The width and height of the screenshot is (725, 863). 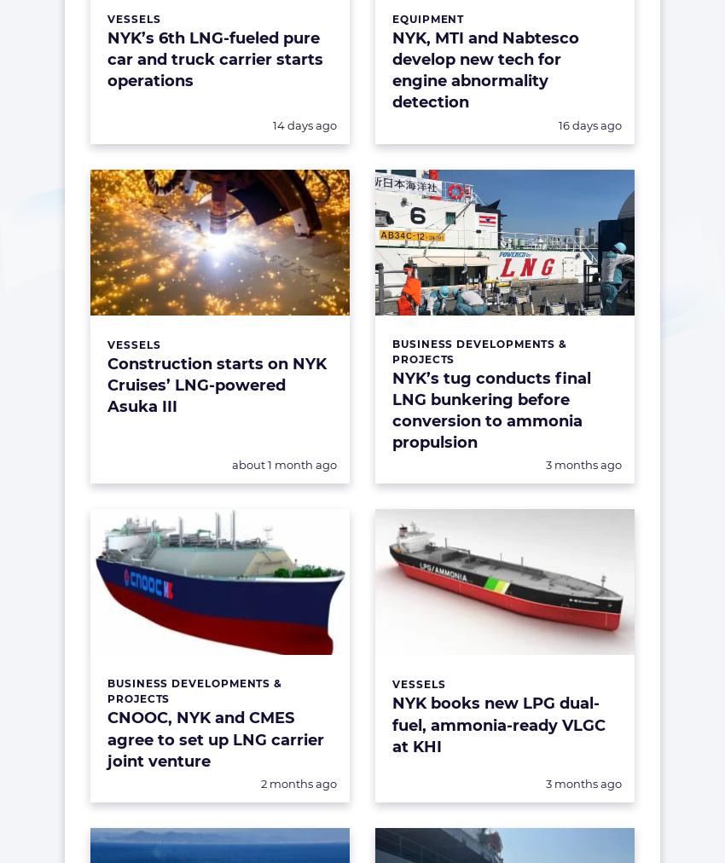 What do you see at coordinates (589, 125) in the screenshot?
I see `'16 days ago'` at bounding box center [589, 125].